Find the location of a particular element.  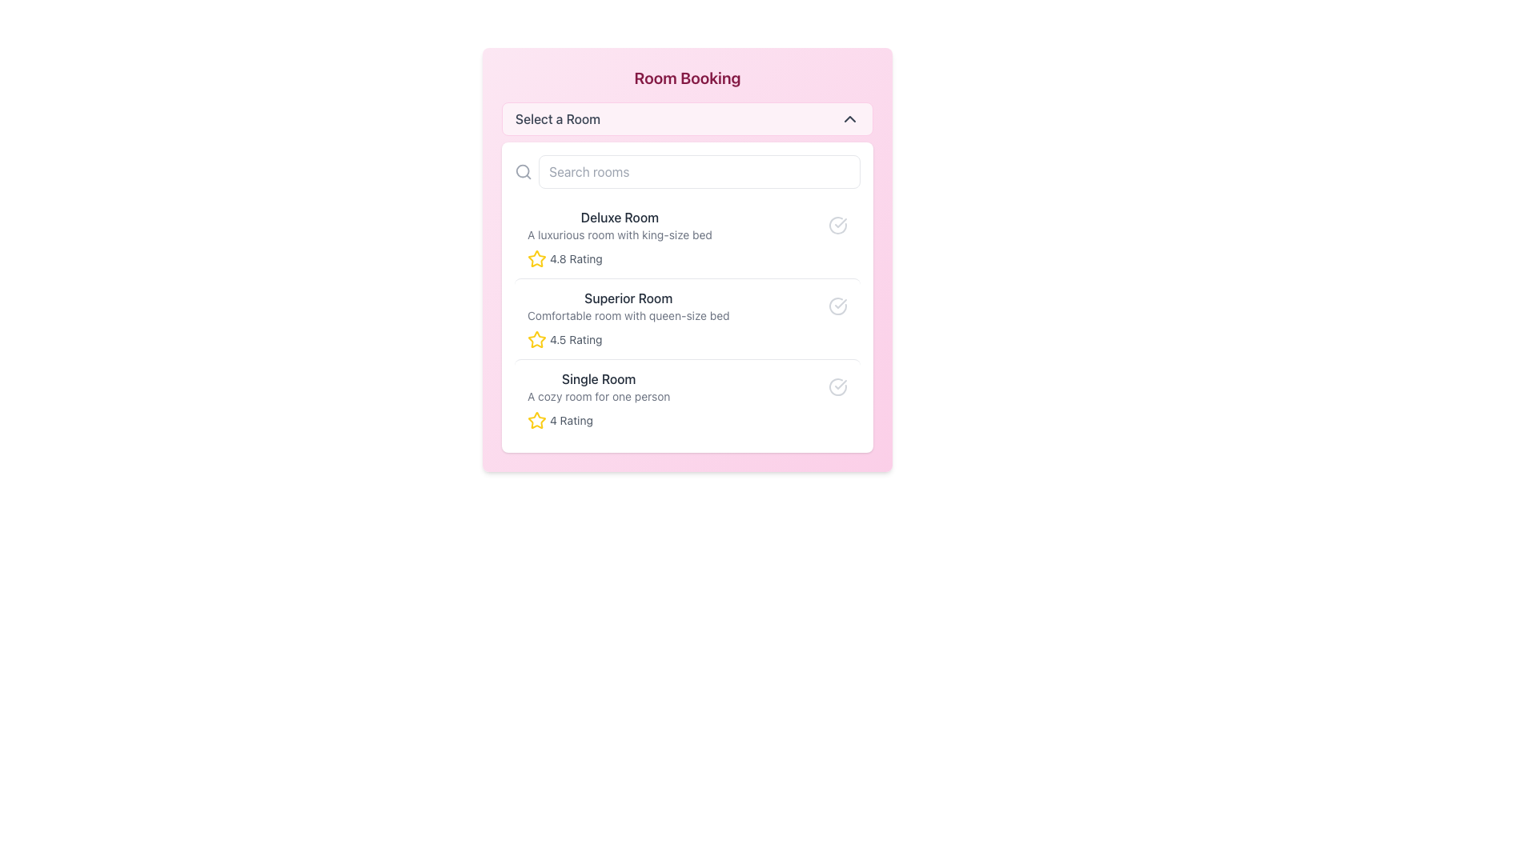

text group containing the heading and description of the room type, located in the middle section of the 'Room Booking' interface, specifically the second item in the list under 'Select a Room' is located at coordinates (628, 306).